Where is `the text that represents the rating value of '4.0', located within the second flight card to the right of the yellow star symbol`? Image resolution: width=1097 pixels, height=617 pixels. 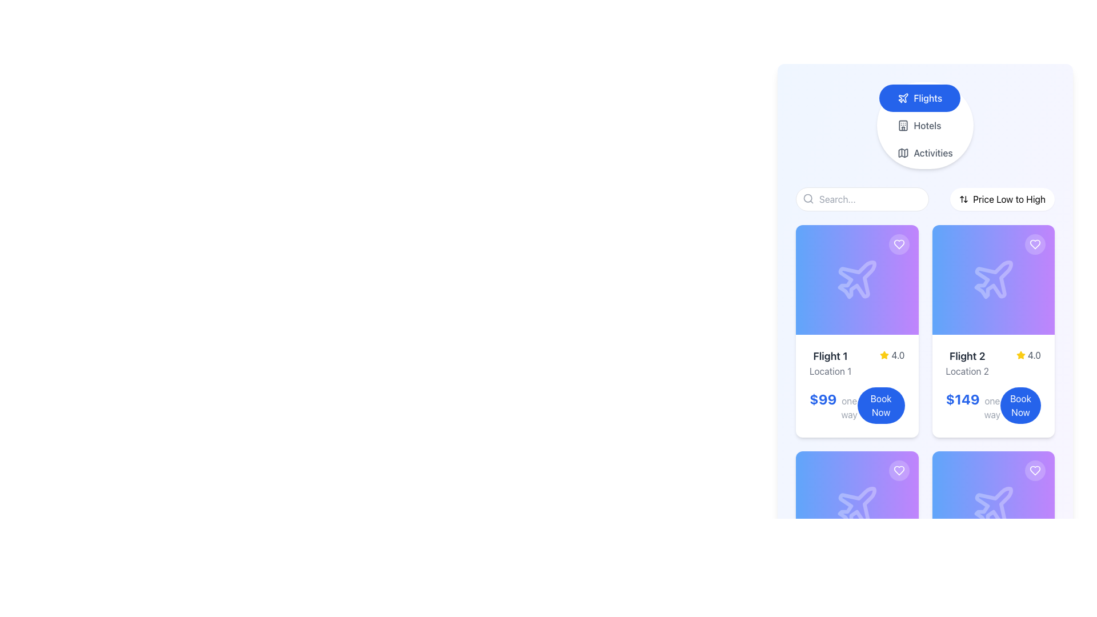 the text that represents the rating value of '4.0', located within the second flight card to the right of the yellow star symbol is located at coordinates (1034, 354).